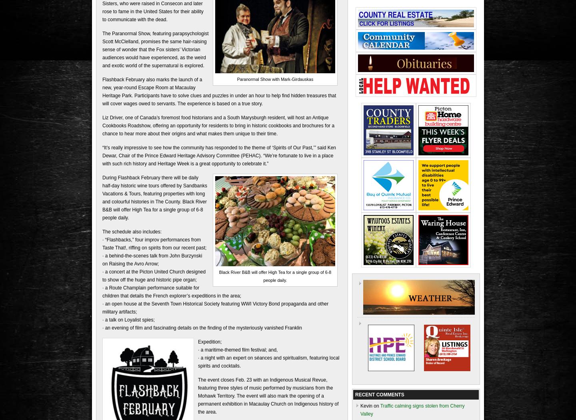 This screenshot has height=420, width=576. I want to click on 'Flashback February also marks the launch of a new, year-round Escape Room at Macaulay Heritage Park. Participants have to solve clues and puzzles in under an hour to help find hidden treasures that will cover wages owed to servants. The experience is based on a true story.', so click(102, 91).